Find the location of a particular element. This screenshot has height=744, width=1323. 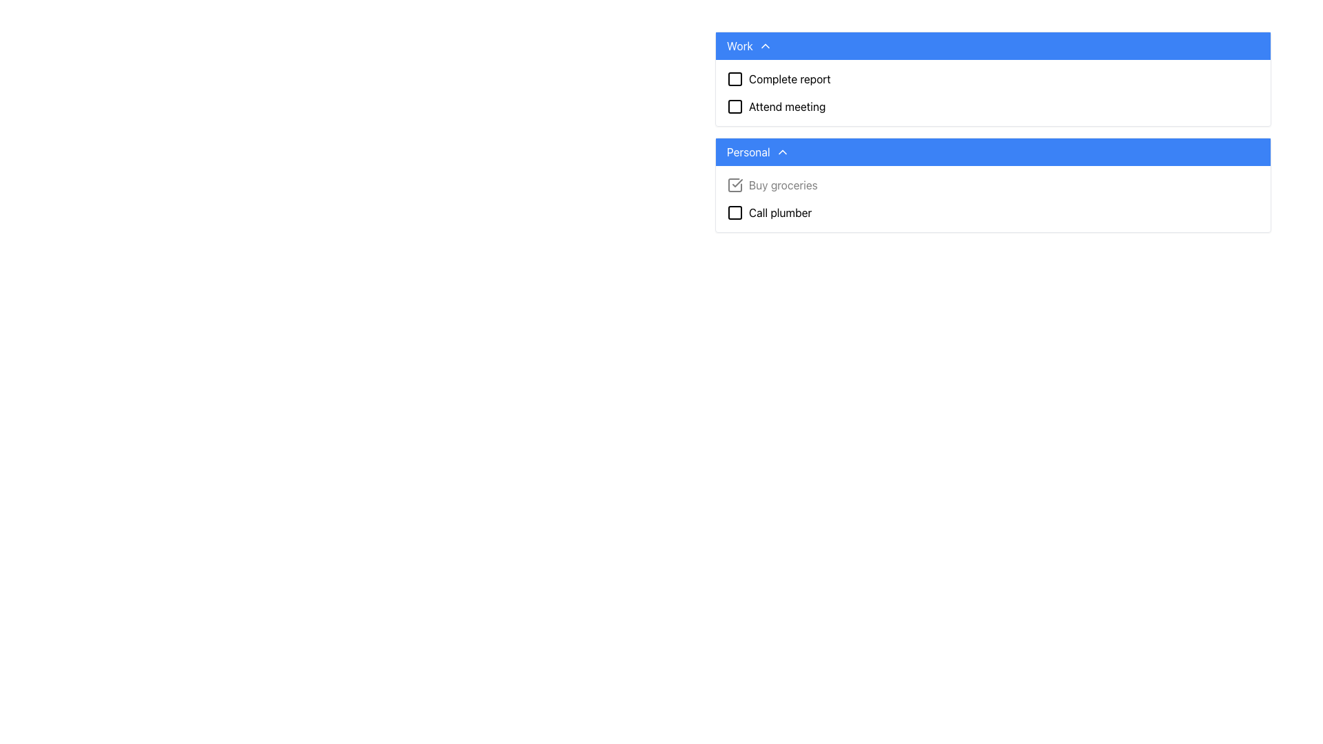

the checkbox indicating the completion status of the task 'Buy groceries' to toggle its completion status is located at coordinates (734, 185).